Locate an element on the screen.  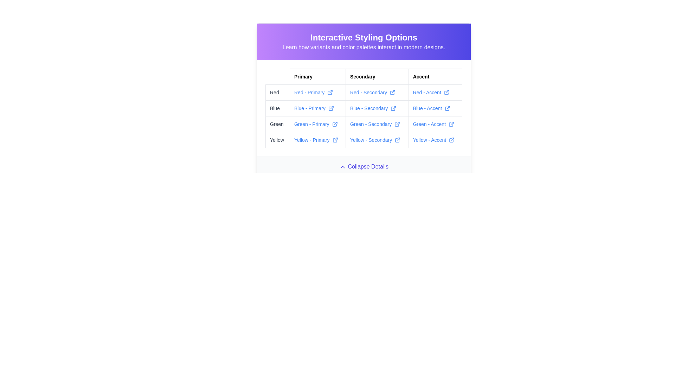
the external link icon located in the 'Interactive Styling Options' section, under the 'Primary' column and the 'Red' row, following the text 'Red - Primary' is located at coordinates (330, 92).